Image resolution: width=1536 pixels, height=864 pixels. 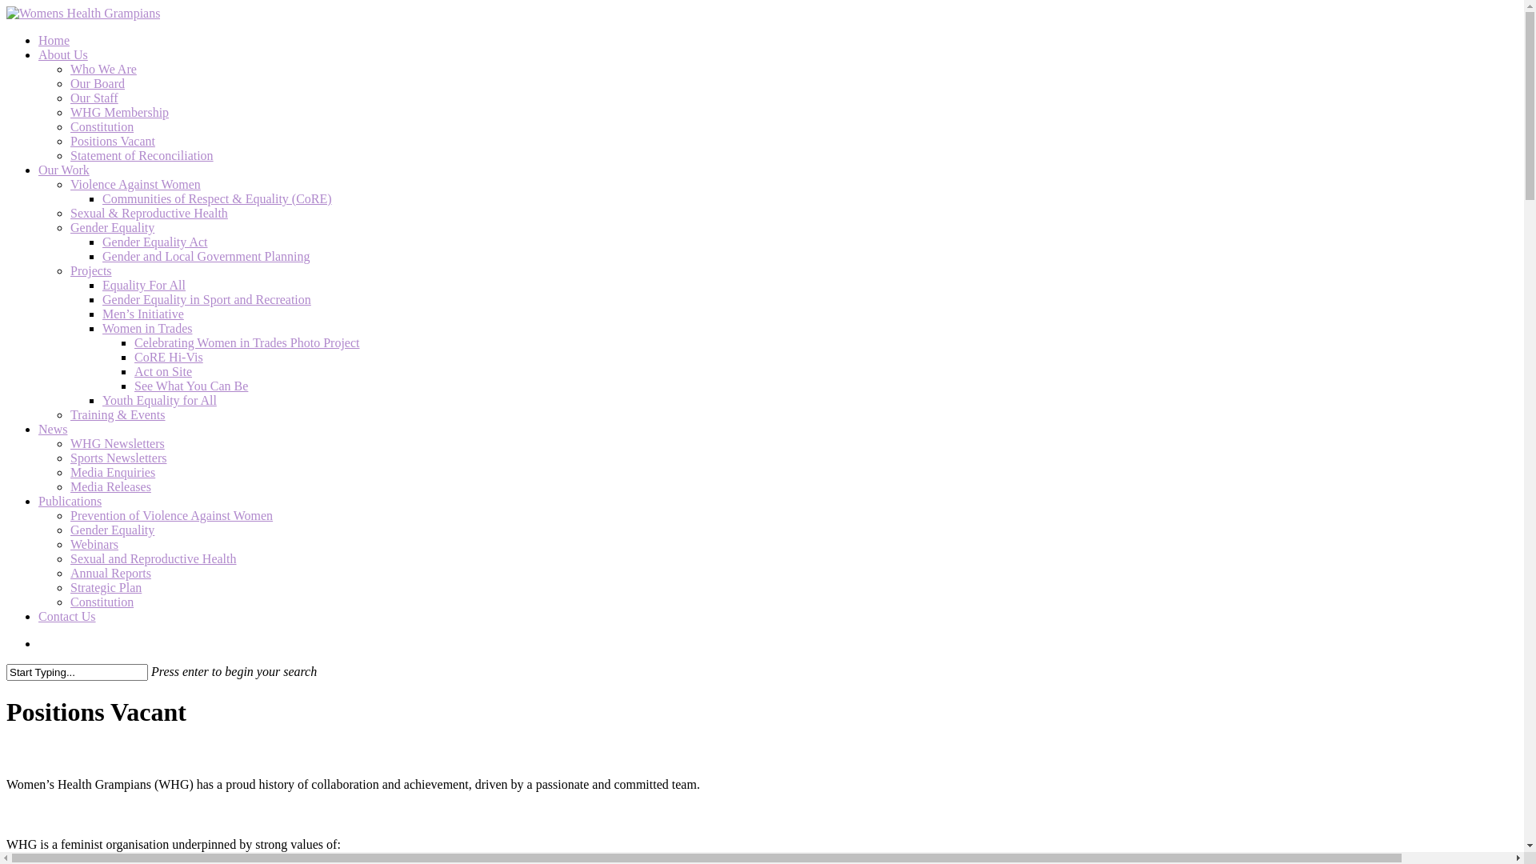 What do you see at coordinates (110, 486) in the screenshot?
I see `'Media Releases'` at bounding box center [110, 486].